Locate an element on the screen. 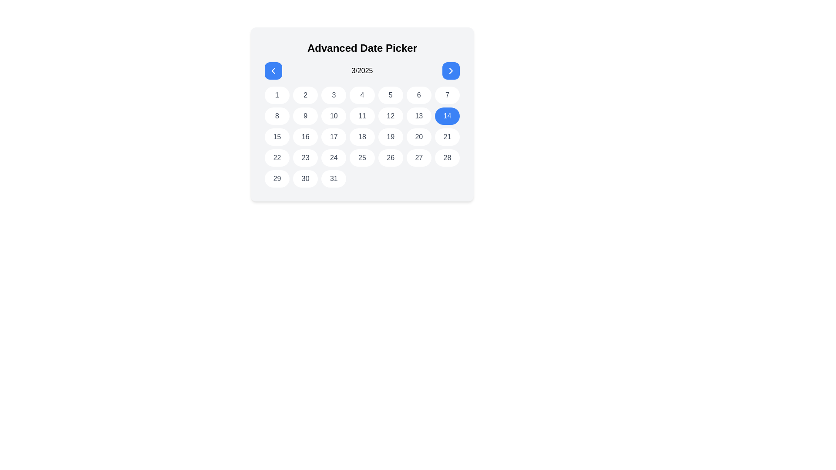 Image resolution: width=836 pixels, height=470 pixels. the static date display element located between the navigation arrows in the calendar component, which shows the currently displayed month and year is located at coordinates (362, 70).